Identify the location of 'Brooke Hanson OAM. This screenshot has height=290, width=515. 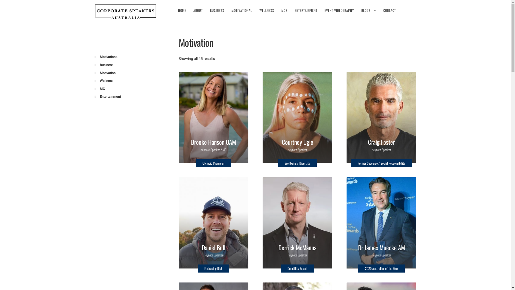
(179, 117).